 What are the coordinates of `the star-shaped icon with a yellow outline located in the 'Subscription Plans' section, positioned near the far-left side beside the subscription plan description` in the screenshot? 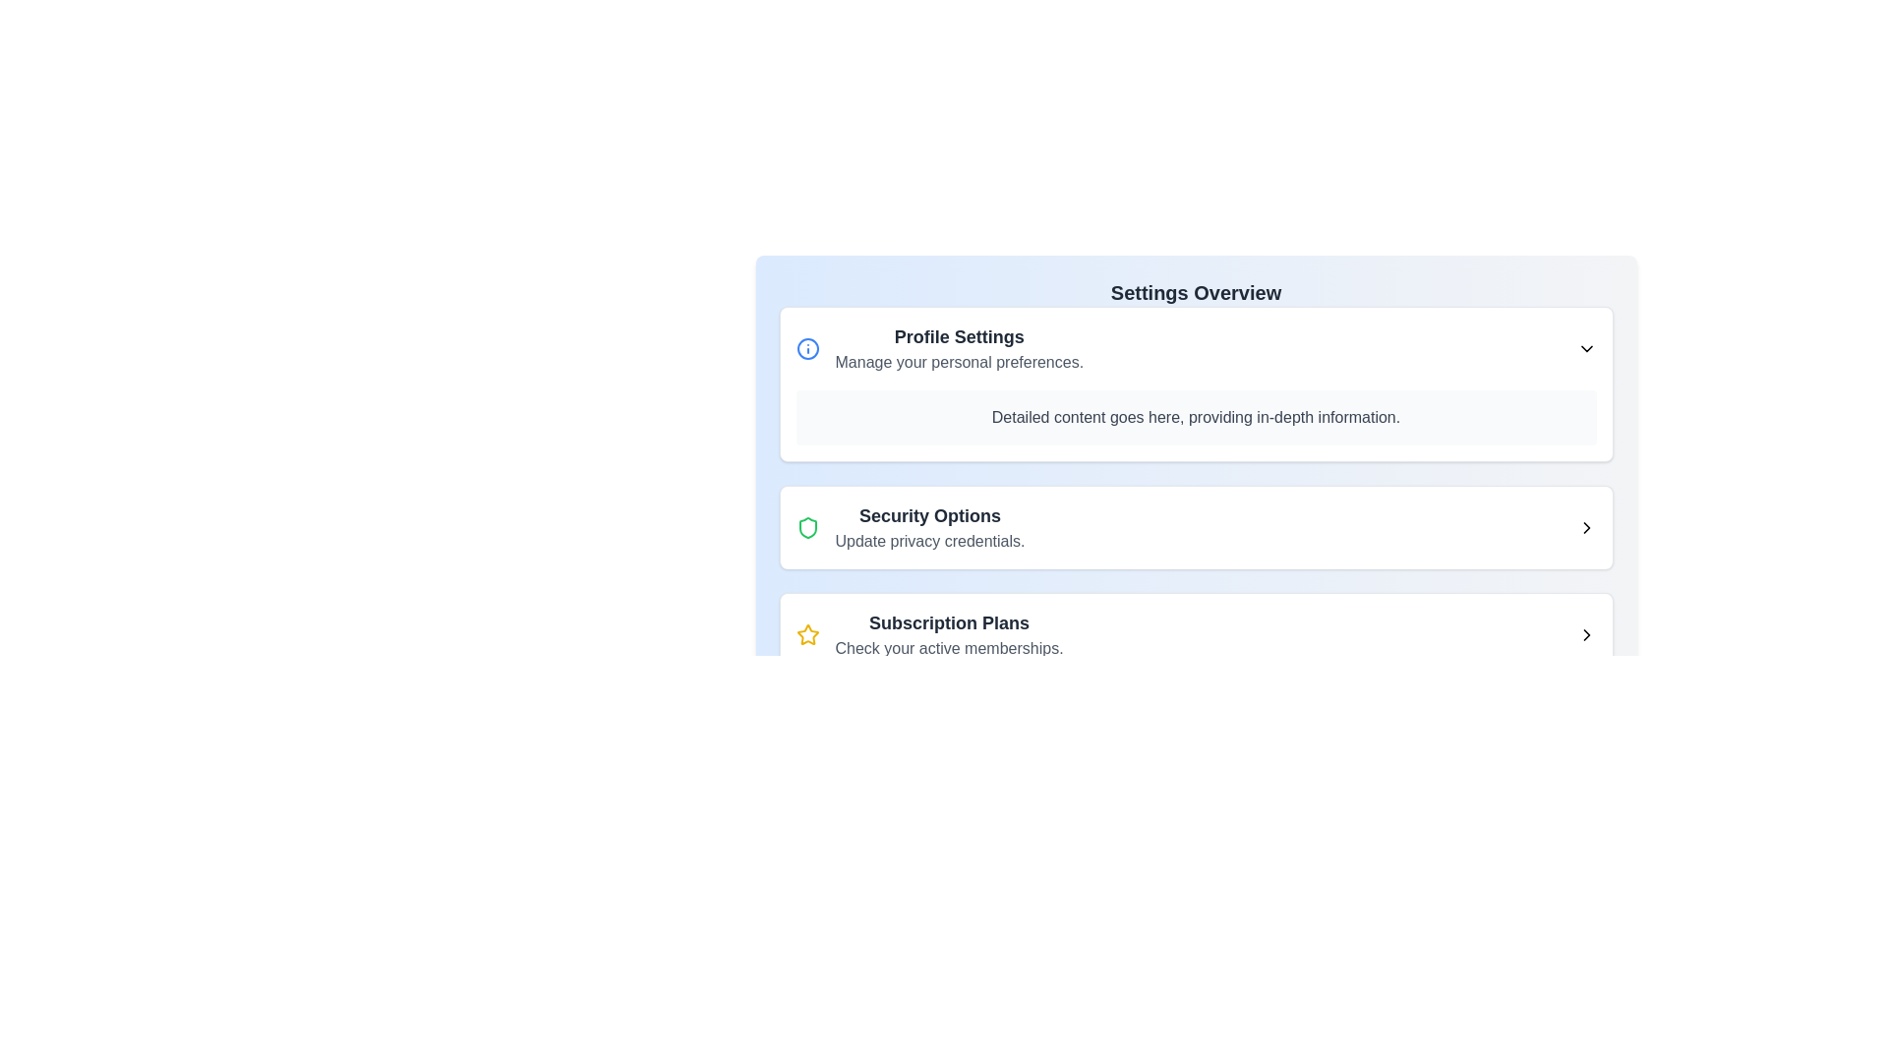 It's located at (807, 634).